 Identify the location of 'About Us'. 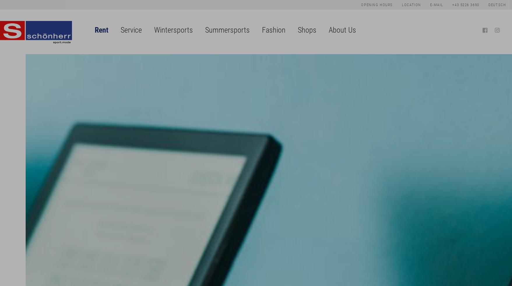
(342, 29).